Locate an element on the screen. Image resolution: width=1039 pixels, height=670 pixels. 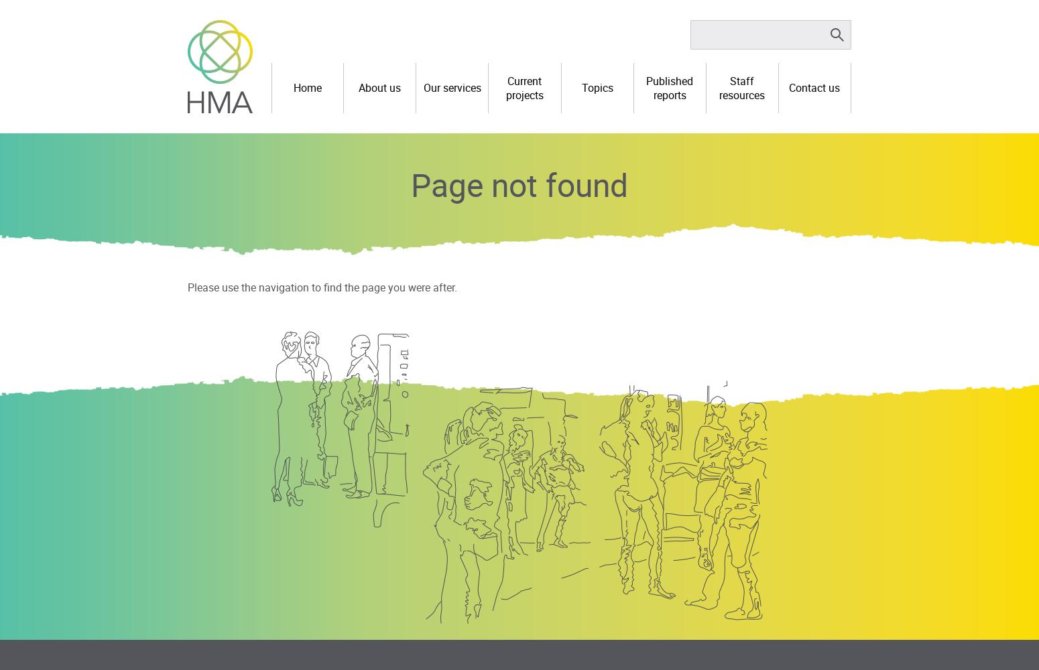
'Our services' is located at coordinates (450, 88).